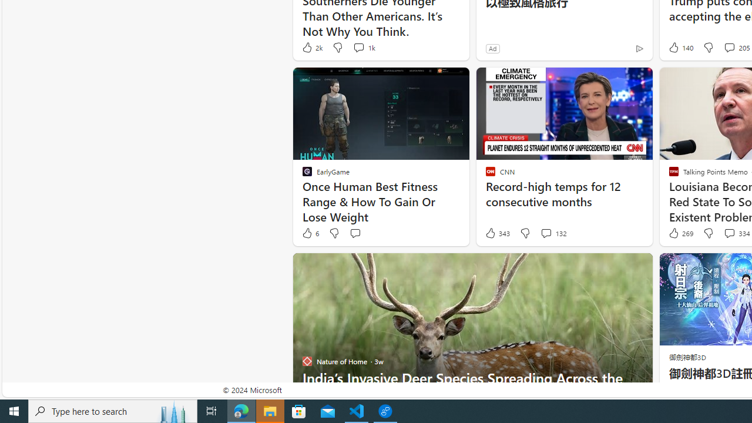 This screenshot has height=423, width=752. I want to click on '269 Like', so click(680, 233).